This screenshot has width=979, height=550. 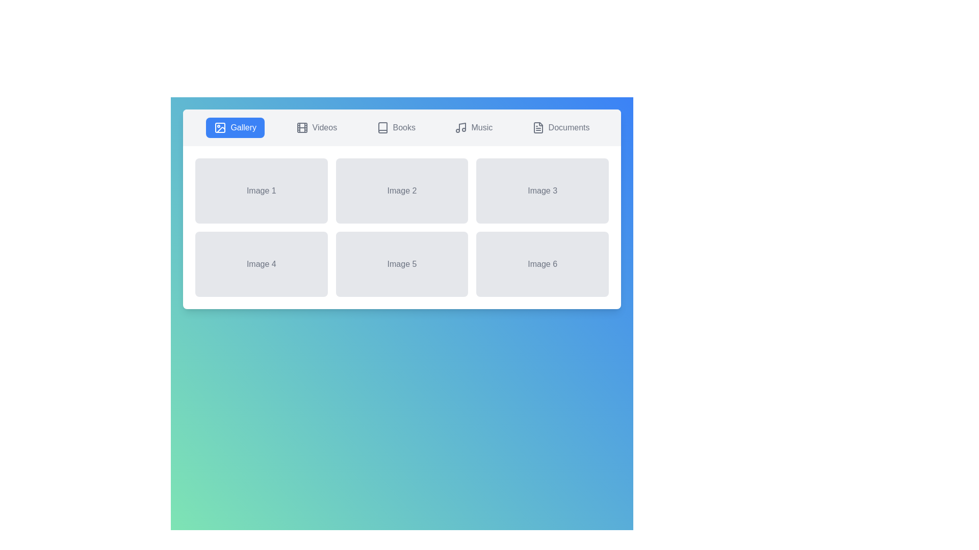 What do you see at coordinates (401, 209) in the screenshot?
I see `the second card in the first row of a three-column grid to interact or view its details` at bounding box center [401, 209].